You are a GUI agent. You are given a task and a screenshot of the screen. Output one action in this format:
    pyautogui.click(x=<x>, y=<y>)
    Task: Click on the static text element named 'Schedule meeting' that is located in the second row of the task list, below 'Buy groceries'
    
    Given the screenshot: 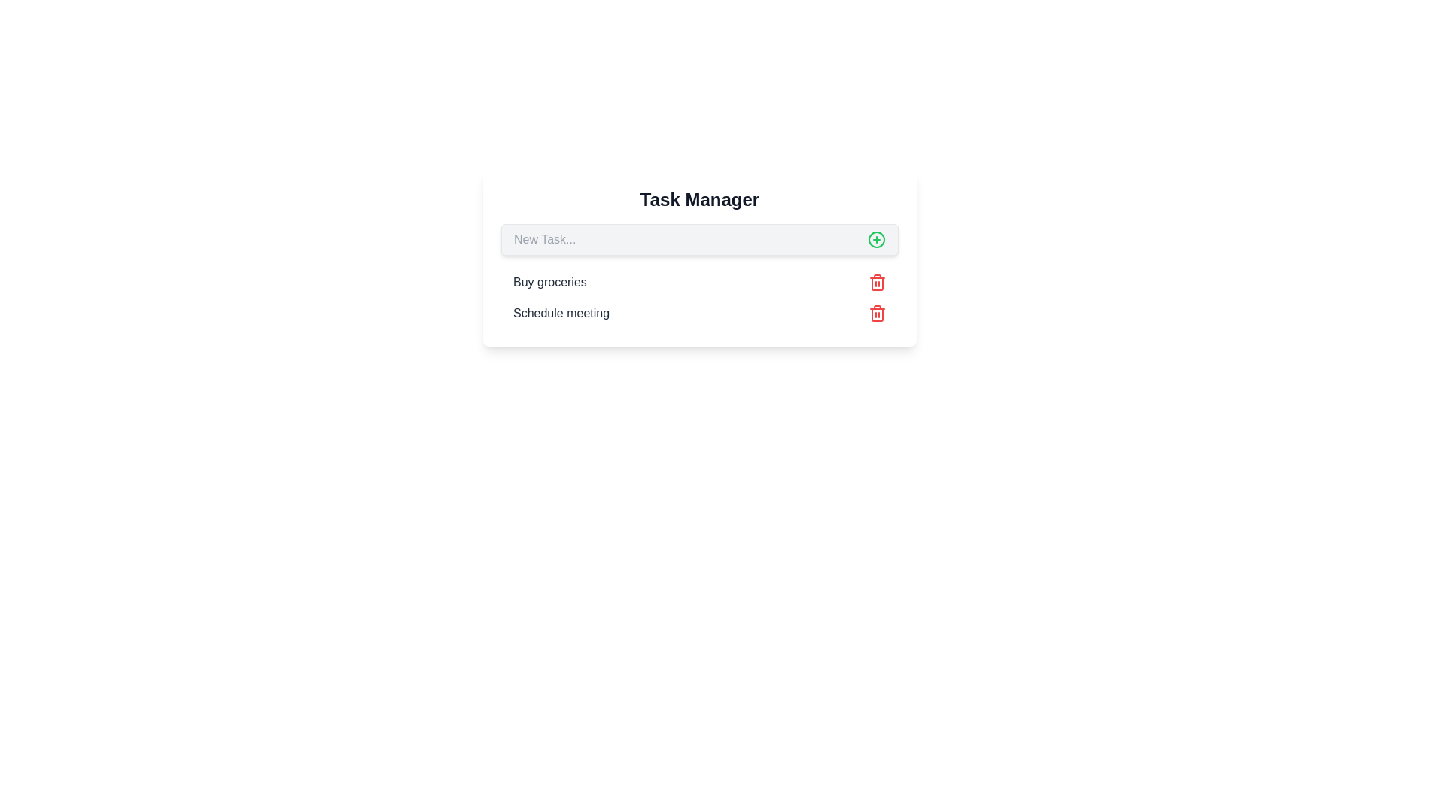 What is the action you would take?
    pyautogui.click(x=561, y=312)
    